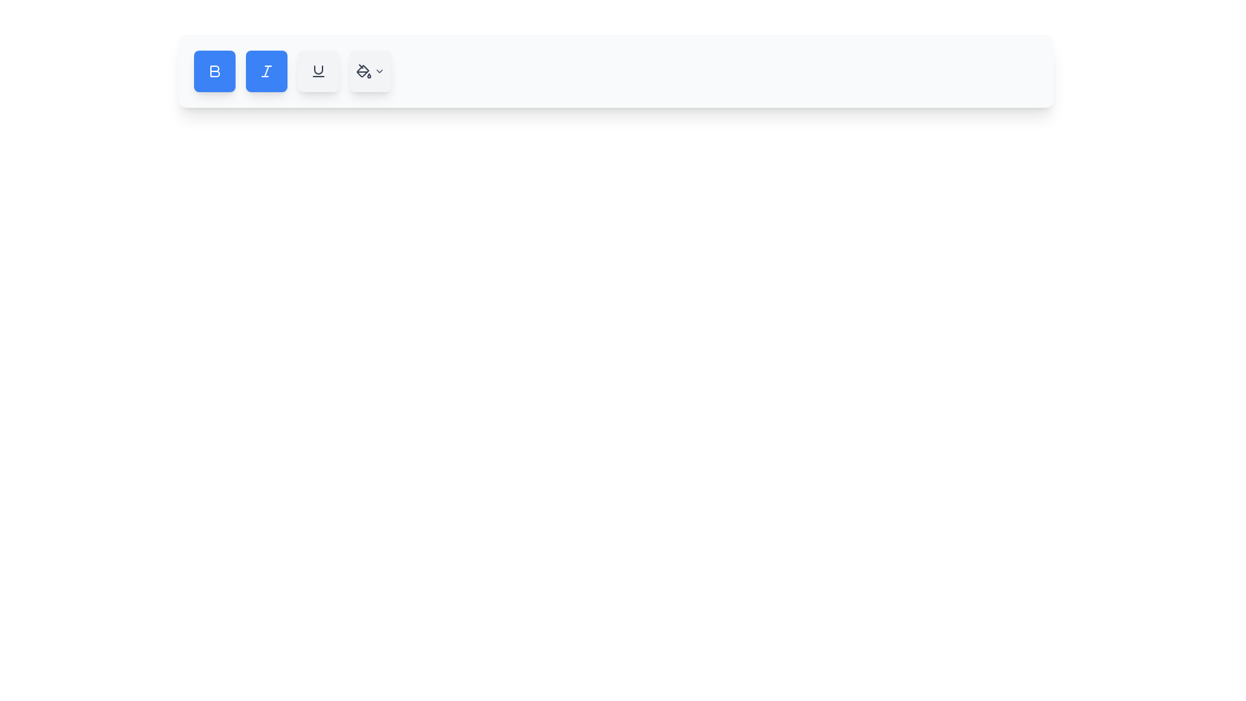  I want to click on the decorative part of the bold text icon located in the third button from the left in the toolbar at the top of the interface, so click(215, 71).